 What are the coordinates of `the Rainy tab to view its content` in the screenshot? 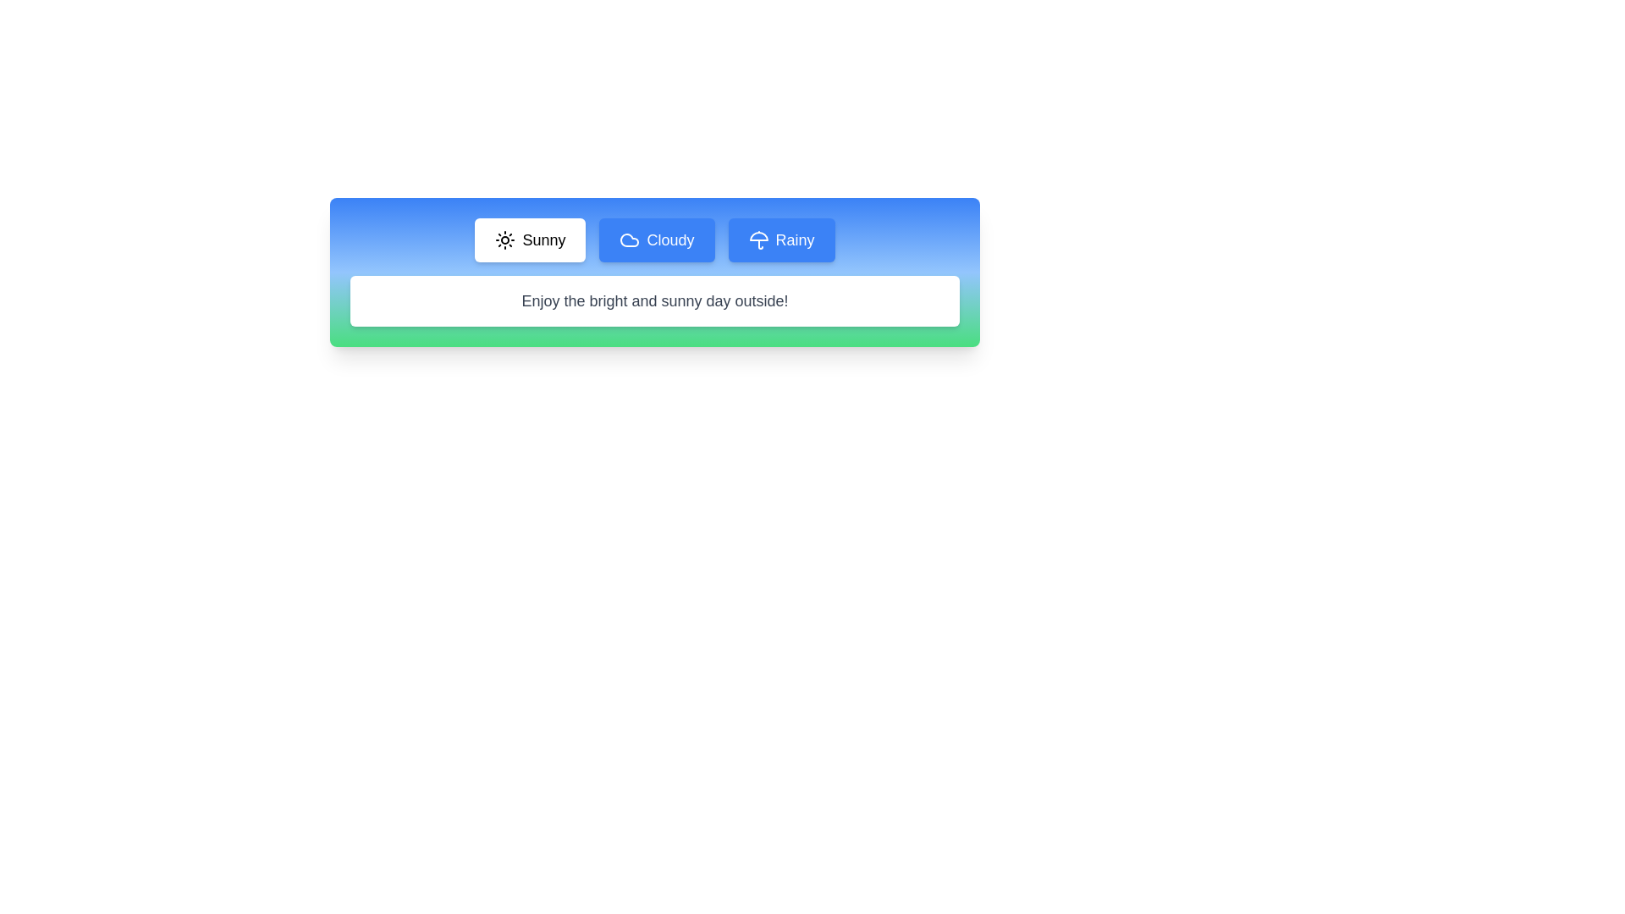 It's located at (780, 240).